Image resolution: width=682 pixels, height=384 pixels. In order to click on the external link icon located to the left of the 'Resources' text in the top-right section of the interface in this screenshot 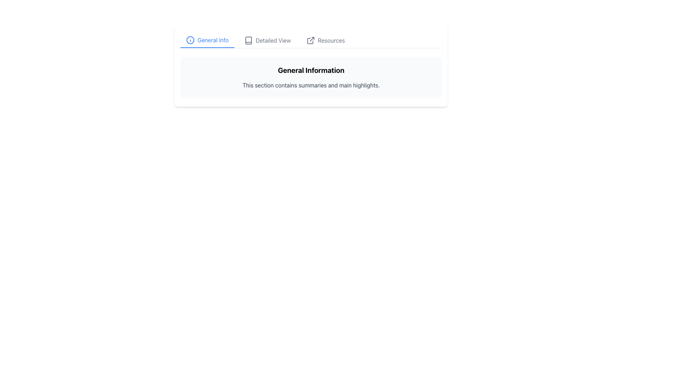, I will do `click(310, 41)`.